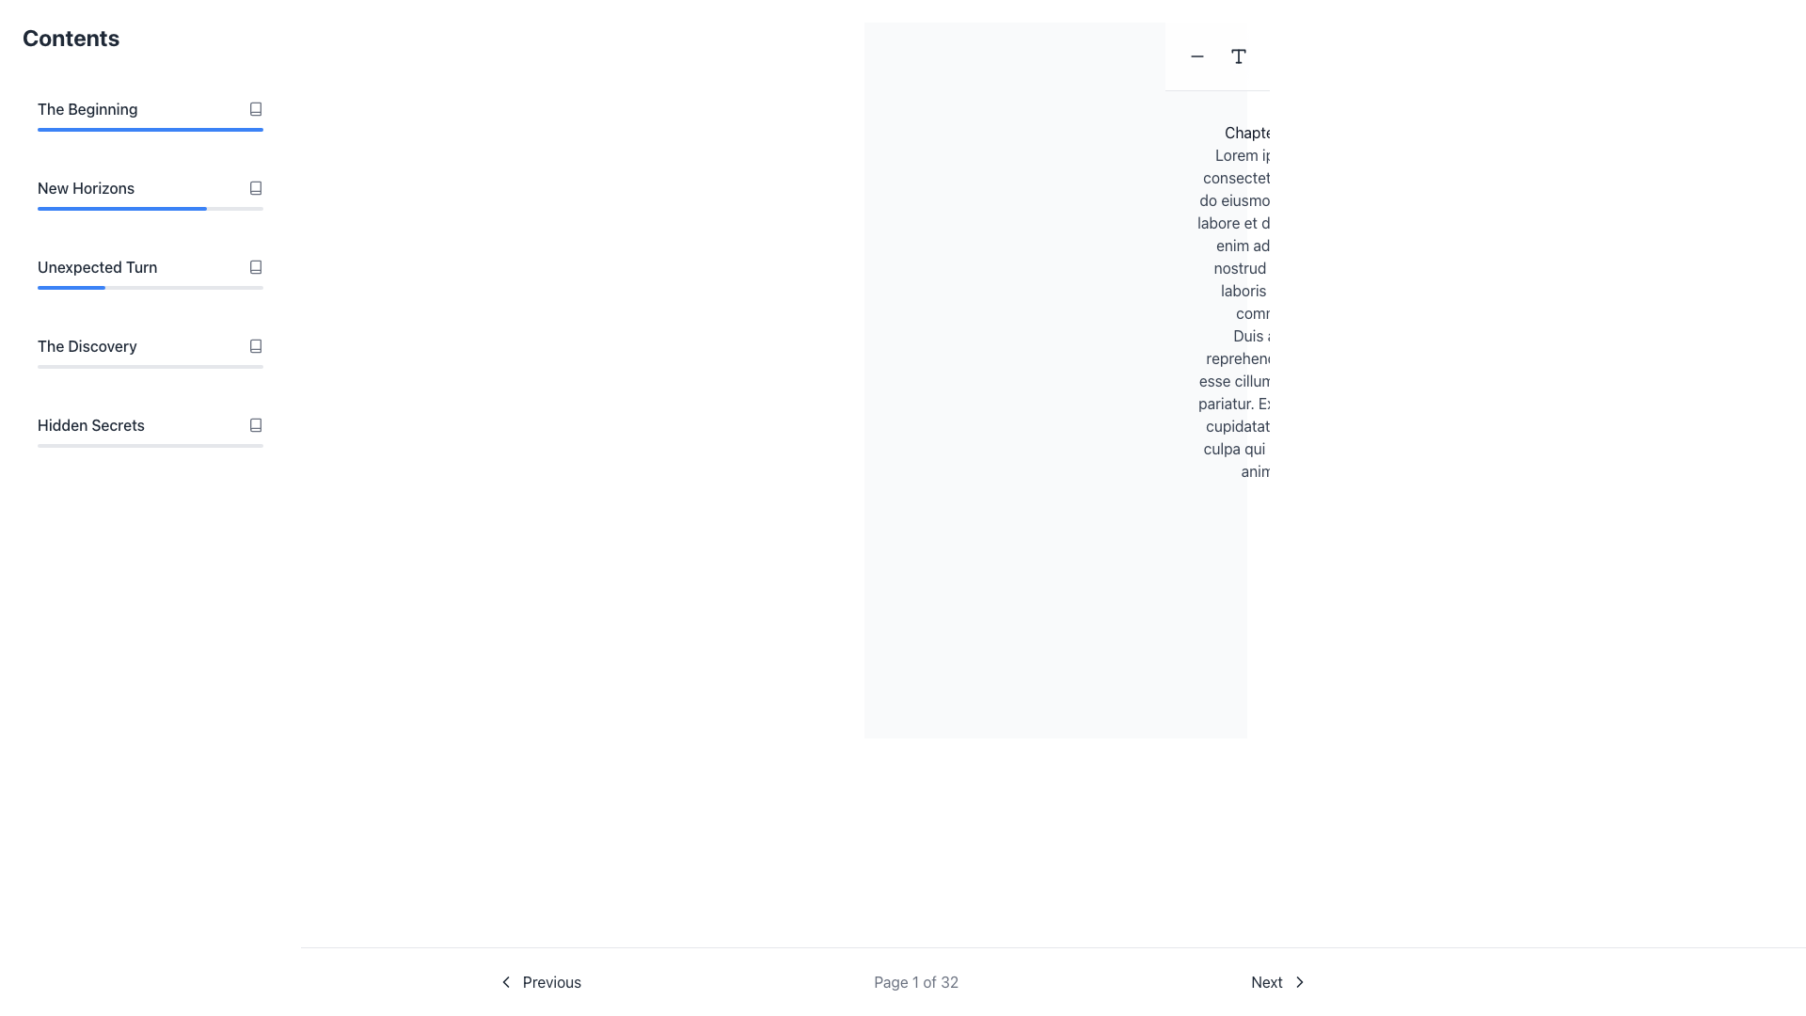 The height and width of the screenshot is (1016, 1806). What do you see at coordinates (96, 267) in the screenshot?
I see `the third item in the 'Contents' list, which serves as a navigational link or marker for a chapter or section in the document` at bounding box center [96, 267].